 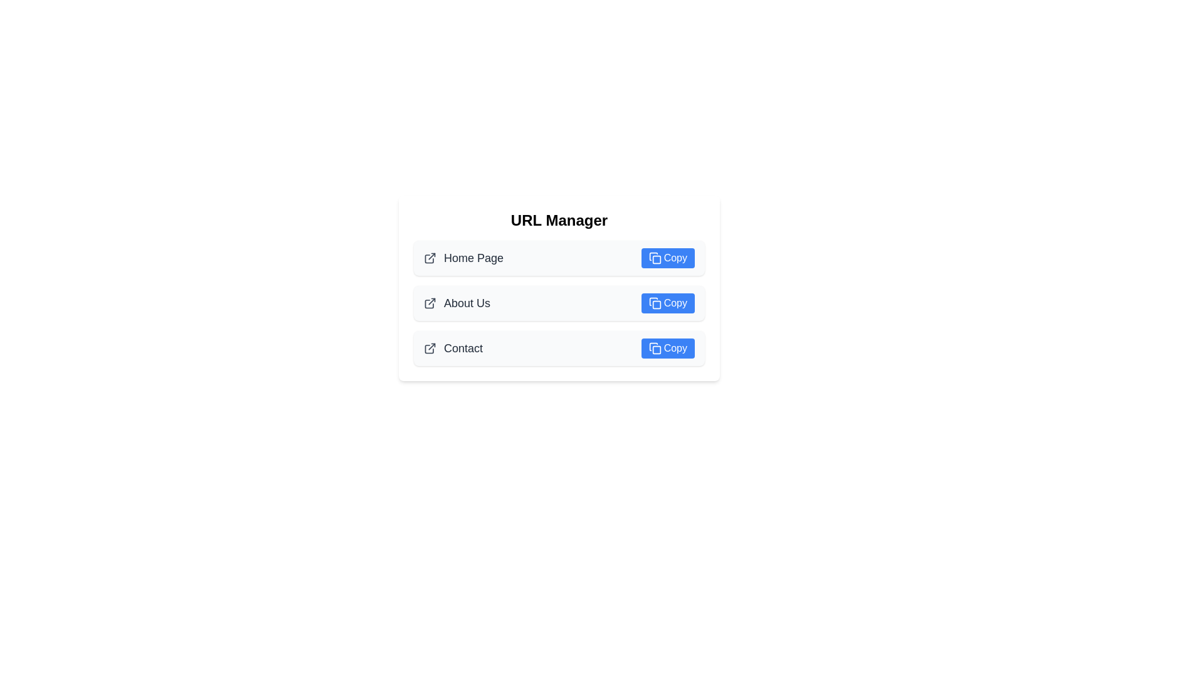 What do you see at coordinates (429, 258) in the screenshot?
I see `the graphical icon styled as an SVG image resembling a rounded rectangle with a partial open top, located in the first row under the 'URL Manager' title beside the 'Home Page' label` at bounding box center [429, 258].